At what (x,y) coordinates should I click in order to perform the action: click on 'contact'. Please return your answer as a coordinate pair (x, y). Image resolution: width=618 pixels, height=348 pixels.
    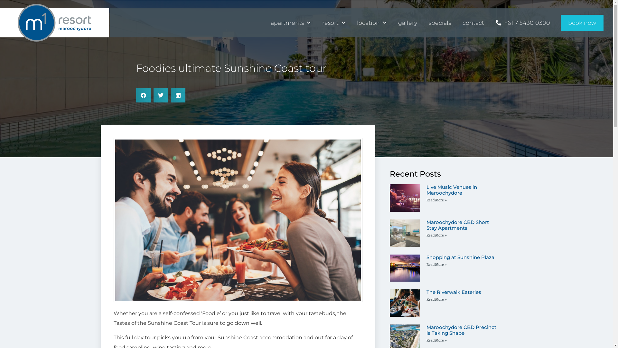
    Looking at the image, I should click on (473, 22).